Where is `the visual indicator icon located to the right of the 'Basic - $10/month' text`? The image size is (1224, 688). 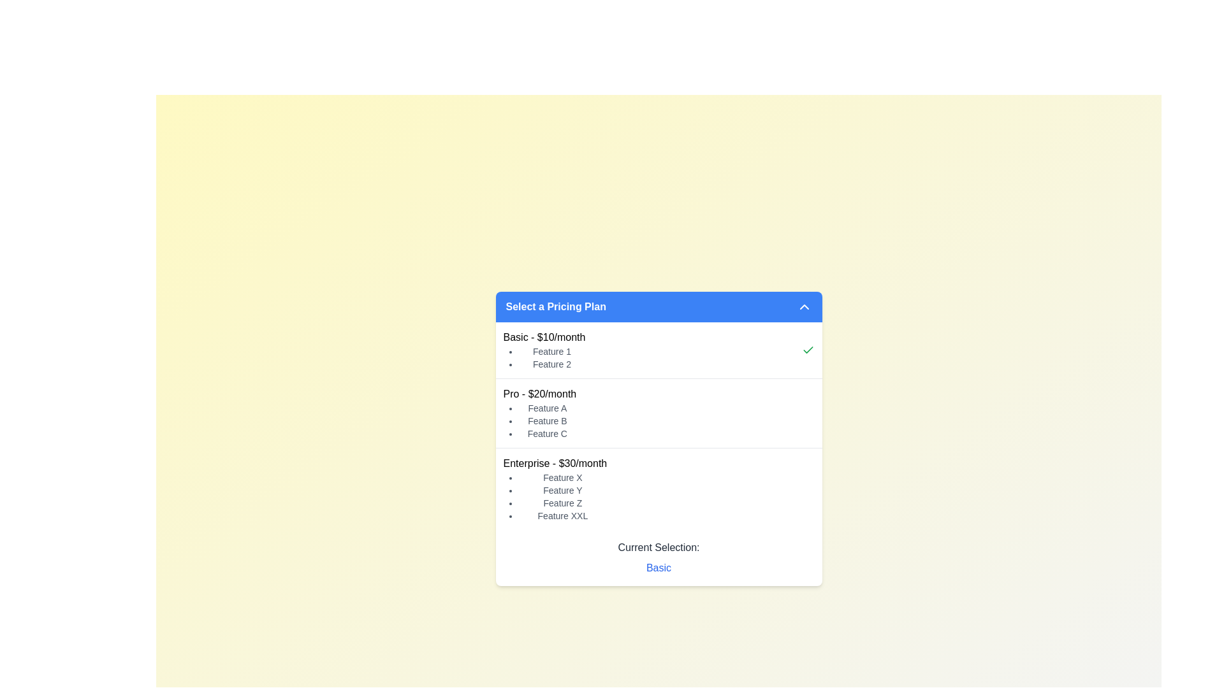 the visual indicator icon located to the right of the 'Basic - $10/month' text is located at coordinates (807, 350).